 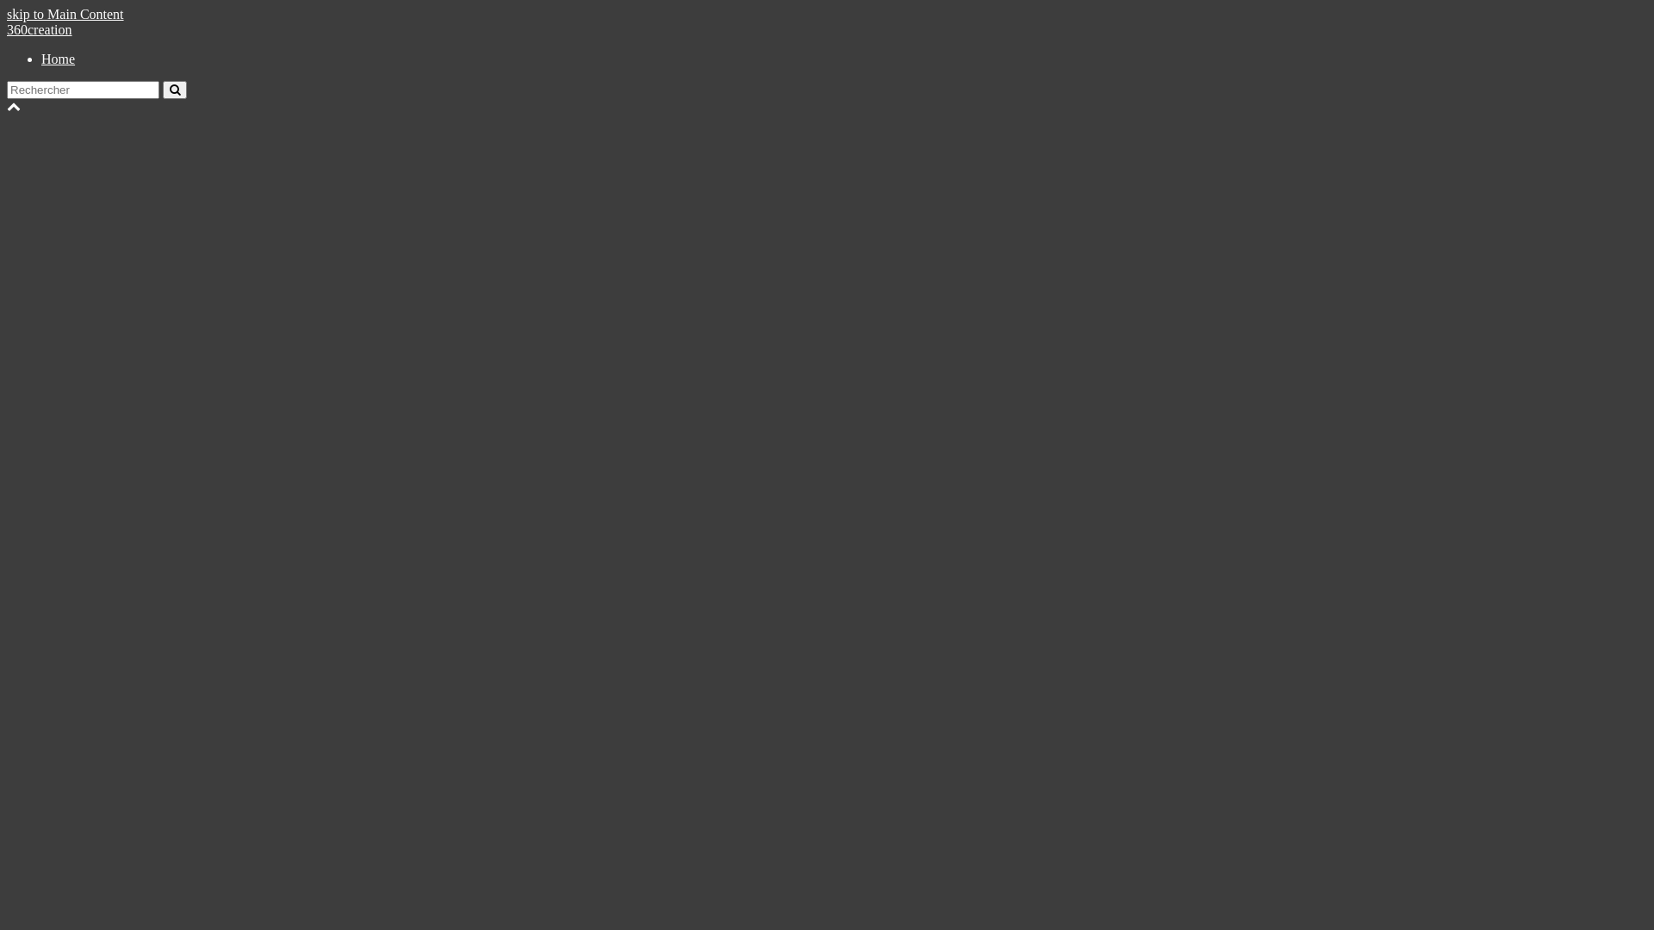 What do you see at coordinates (7, 106) in the screenshot?
I see `'Back To Top'` at bounding box center [7, 106].